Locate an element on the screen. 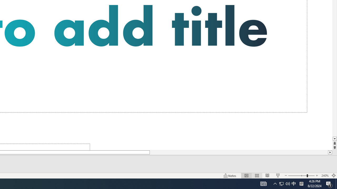  'Notes ' is located at coordinates (230, 176).